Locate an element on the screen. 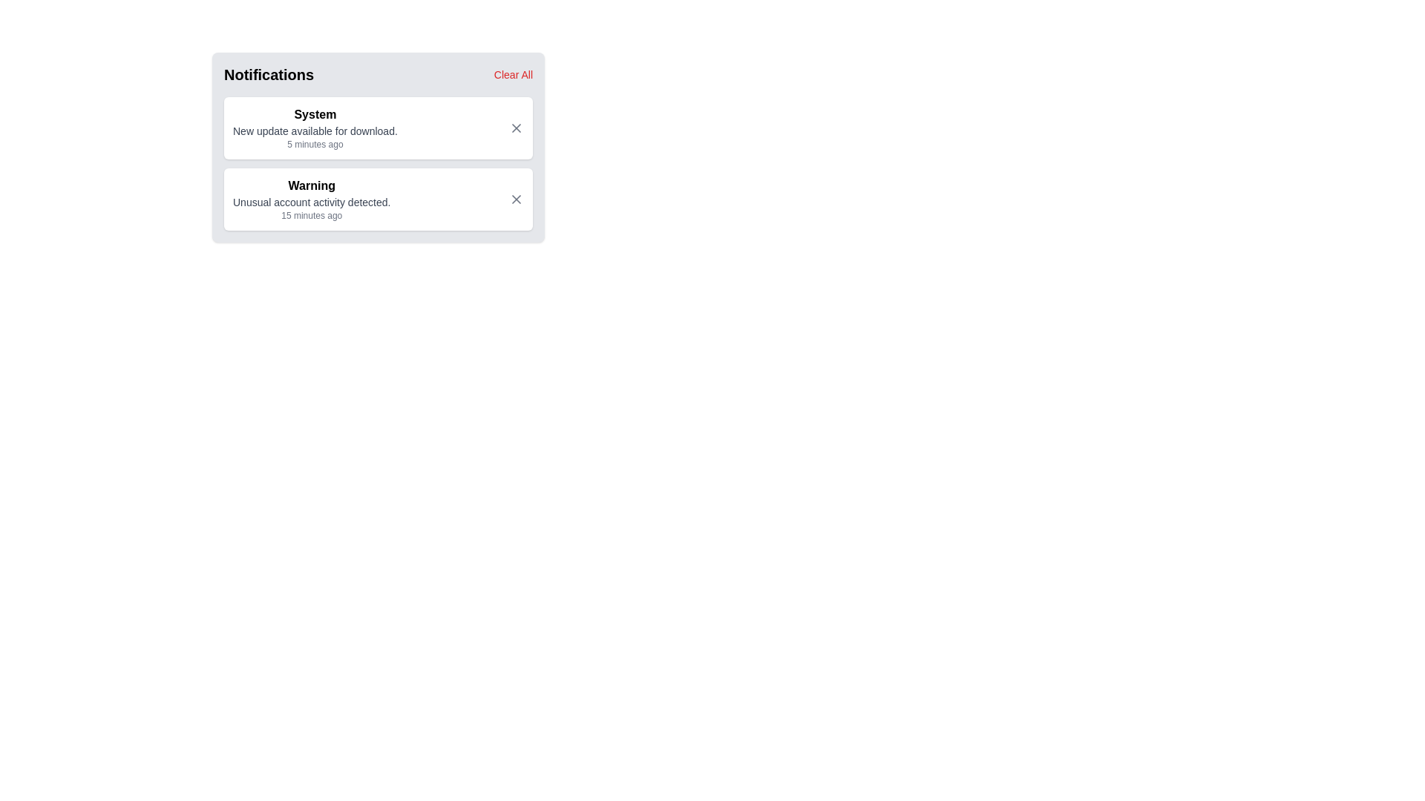  the text element that reads 'Unusual account activity detected.' which is styled with a smaller font size and gray color, located within a notification card beneath a 'Warning' label is located at coordinates (311, 202).